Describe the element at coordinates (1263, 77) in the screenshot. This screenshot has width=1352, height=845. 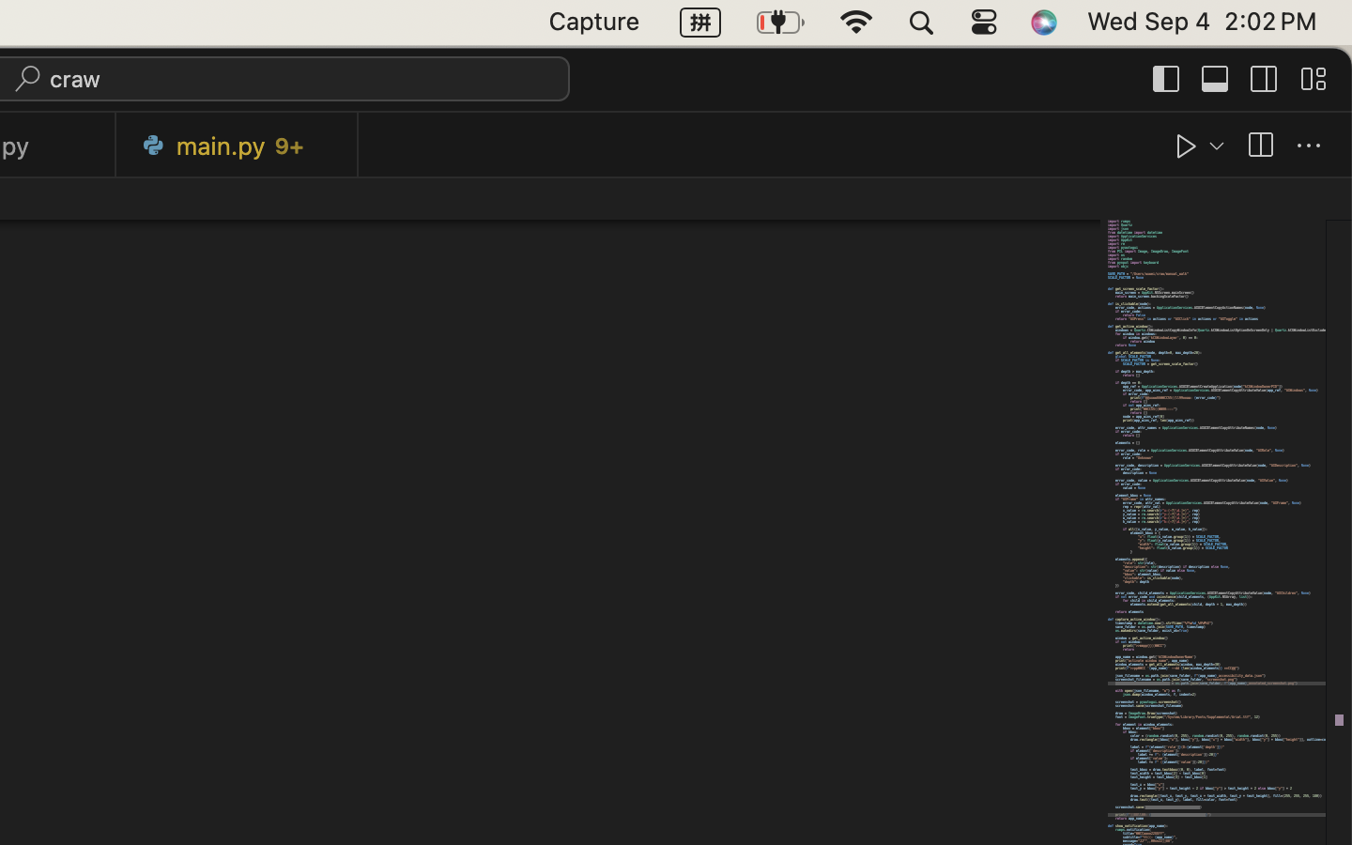
I see `''` at that location.